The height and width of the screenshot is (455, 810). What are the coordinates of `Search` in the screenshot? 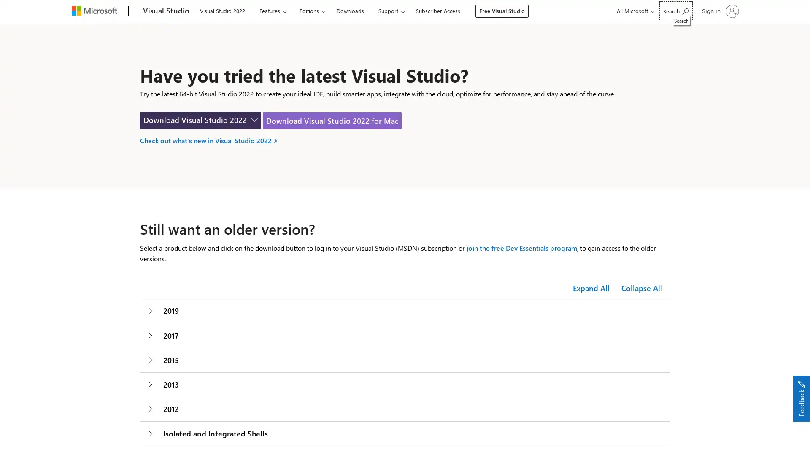 It's located at (676, 11).